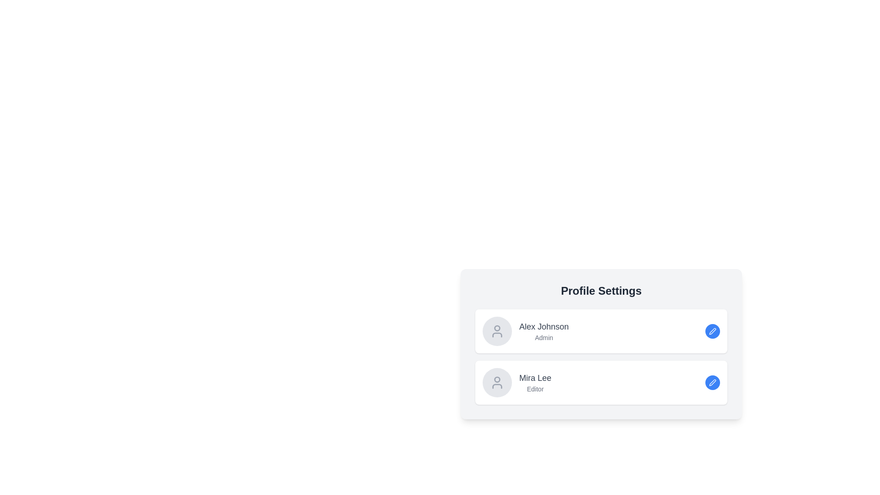 This screenshot has width=880, height=495. I want to click on the Profile Information Card displaying user profile information, located, so click(526, 331).